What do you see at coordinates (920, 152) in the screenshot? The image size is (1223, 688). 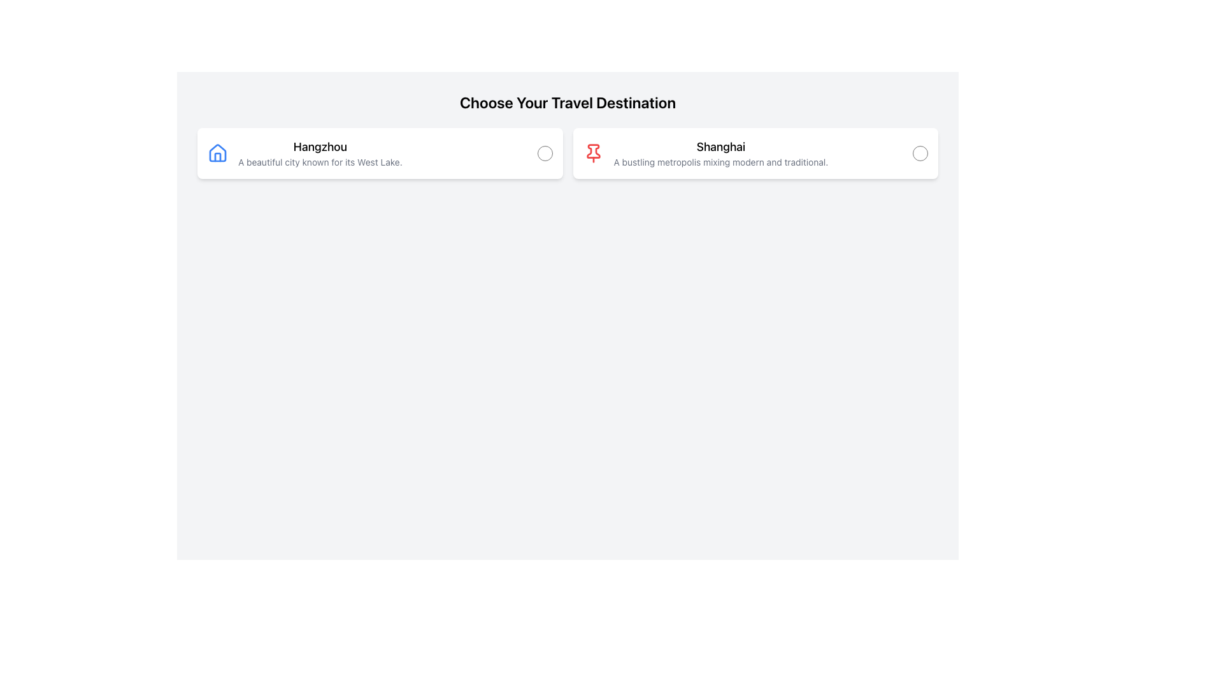 I see `the blue circular radio button located to the far right of the 'Shanghai' section` at bounding box center [920, 152].